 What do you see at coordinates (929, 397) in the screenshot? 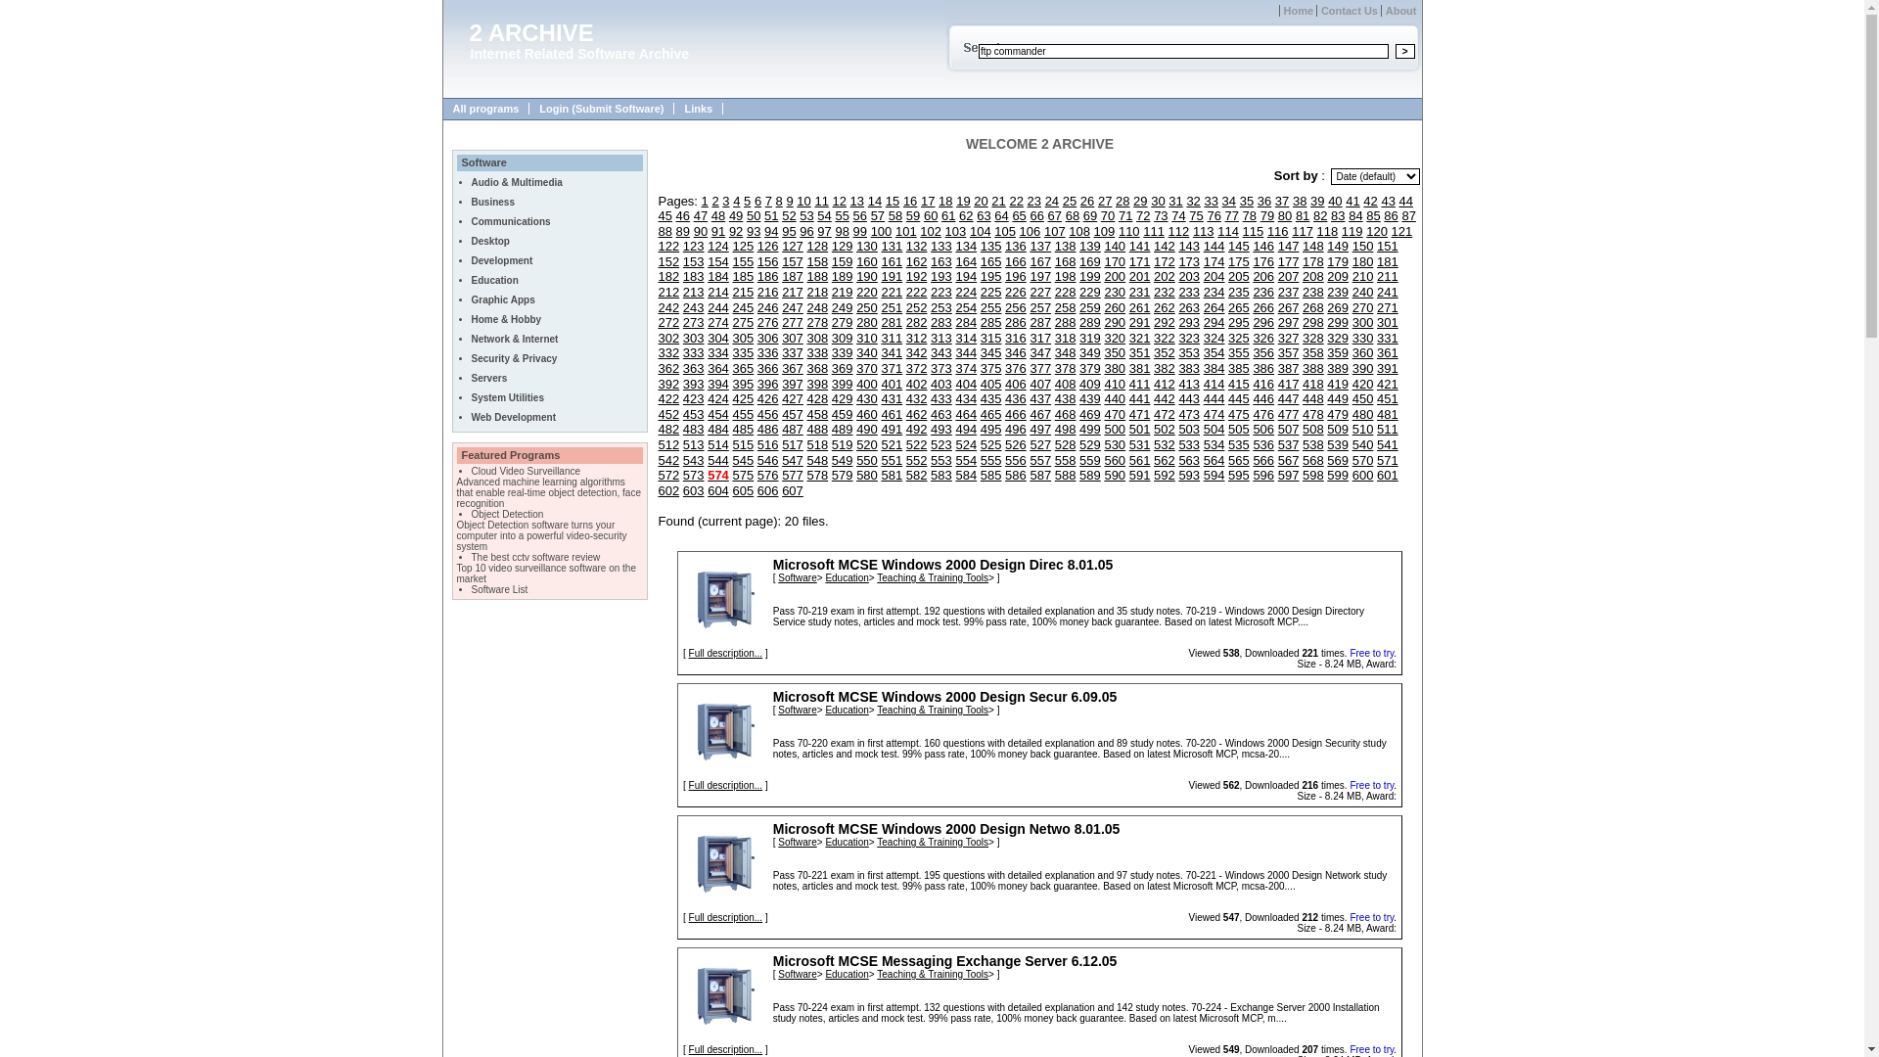
I see `'433'` at bounding box center [929, 397].